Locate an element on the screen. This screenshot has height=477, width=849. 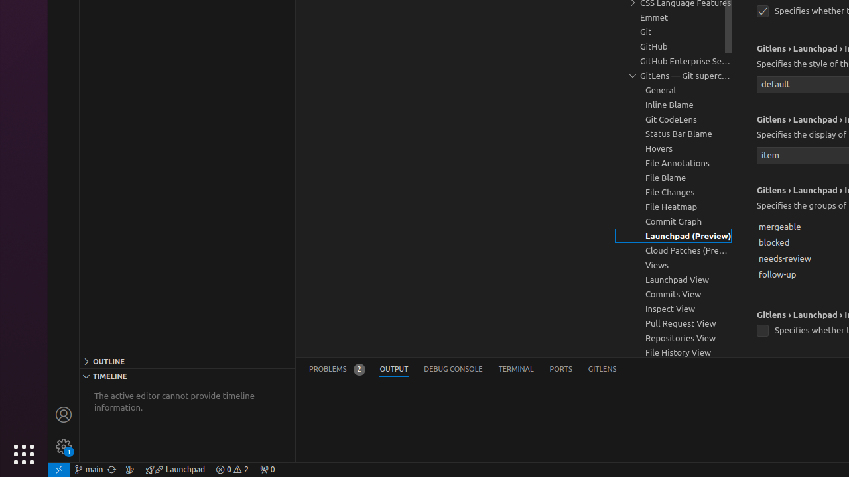
'GitLens' is located at coordinates (602, 369).